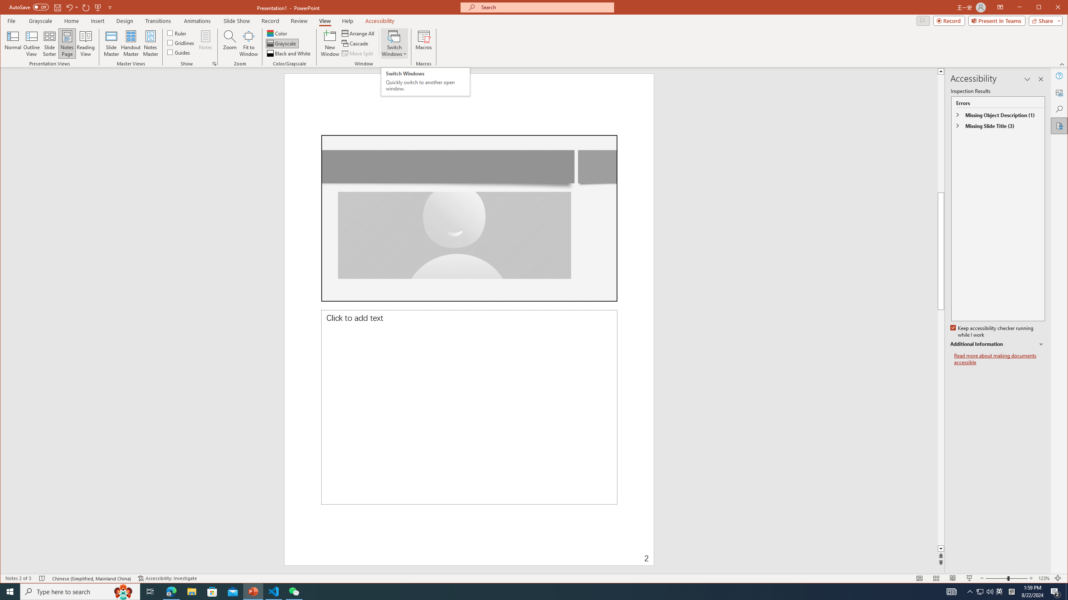 The height and width of the screenshot is (600, 1068). I want to click on 'Cascade', so click(355, 43).